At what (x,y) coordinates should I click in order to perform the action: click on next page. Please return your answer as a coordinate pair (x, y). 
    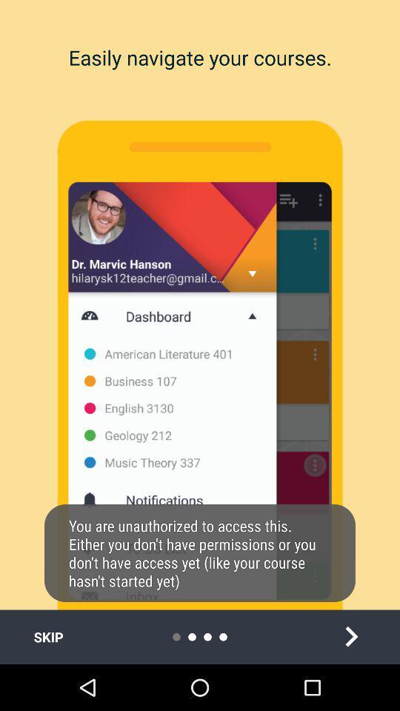
    Looking at the image, I should click on (350, 636).